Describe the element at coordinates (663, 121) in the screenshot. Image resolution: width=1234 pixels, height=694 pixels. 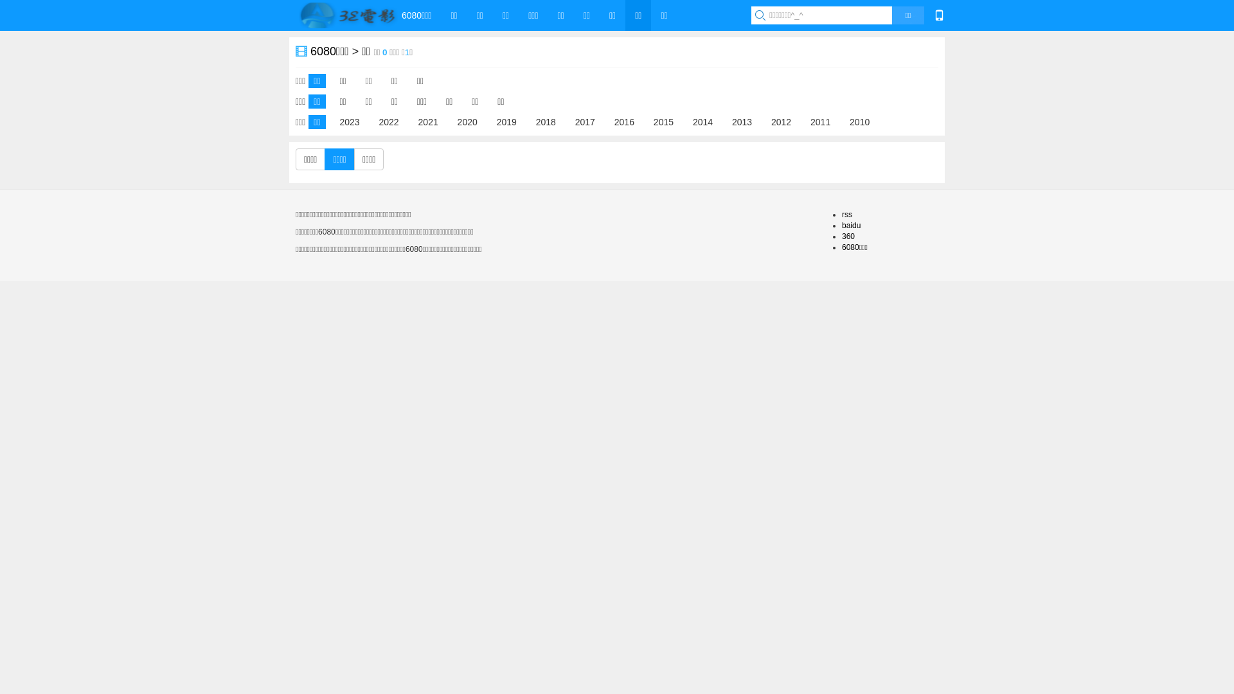
I see `'2015'` at that location.